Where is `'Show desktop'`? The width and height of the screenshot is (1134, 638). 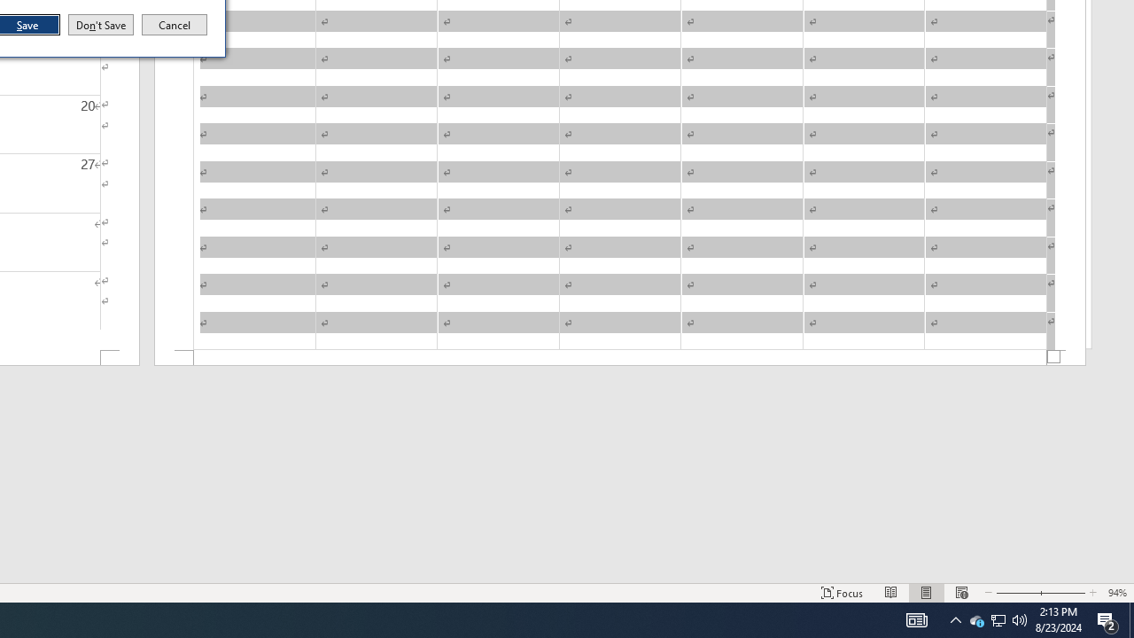 'Show desktop' is located at coordinates (1130, 619).